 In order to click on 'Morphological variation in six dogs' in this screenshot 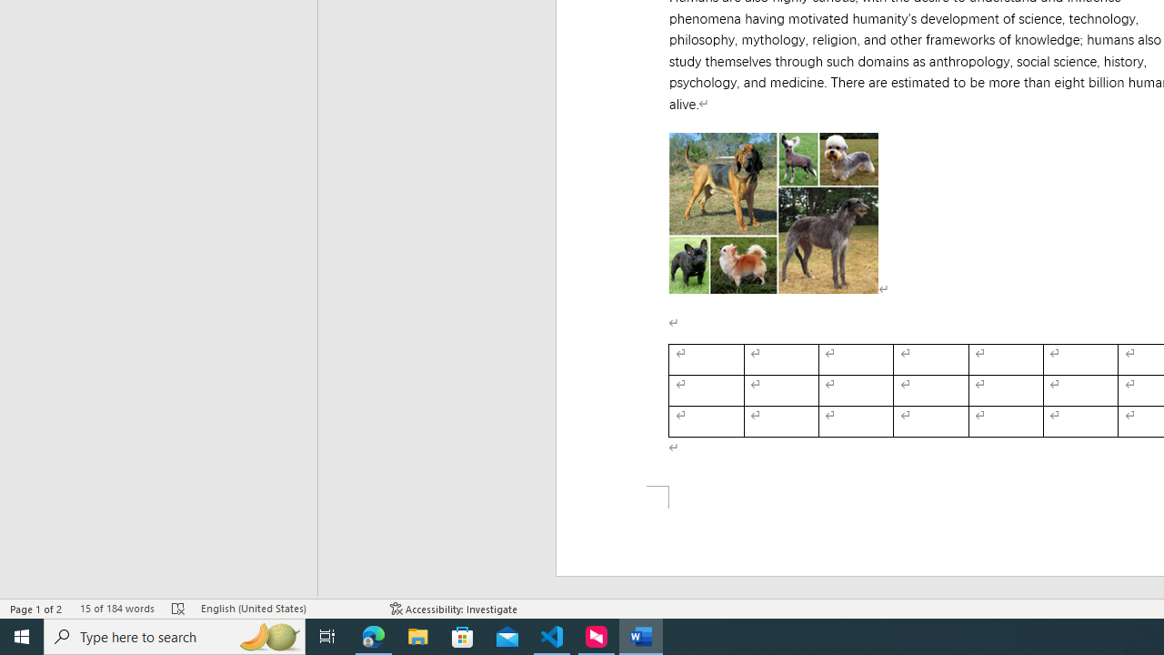, I will do `click(774, 212)`.